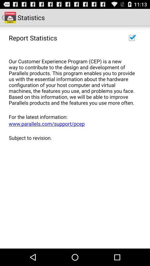  I want to click on the icon above for the latest, so click(73, 79).